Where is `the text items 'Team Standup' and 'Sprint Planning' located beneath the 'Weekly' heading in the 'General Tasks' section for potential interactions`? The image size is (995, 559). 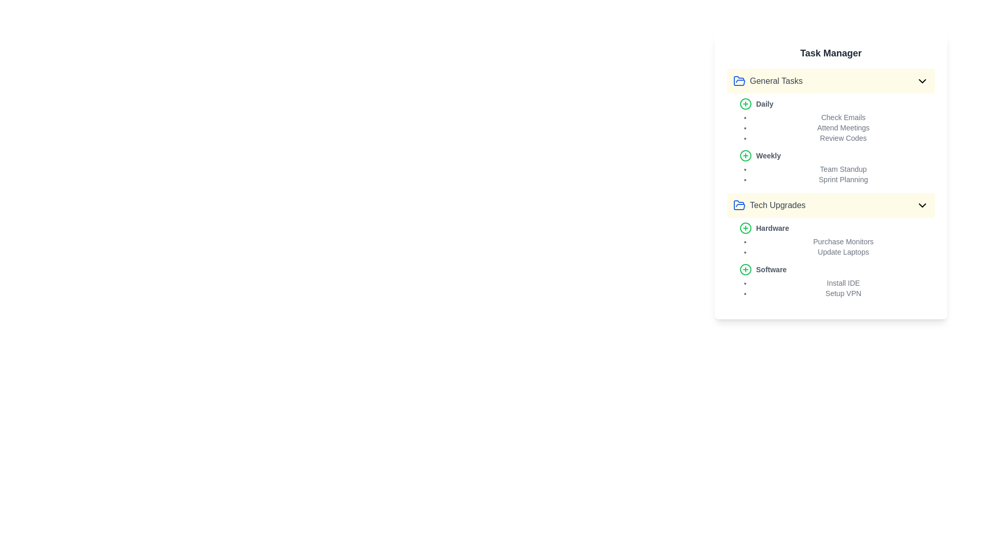
the text items 'Team Standup' and 'Sprint Planning' located beneath the 'Weekly' heading in the 'General Tasks' section for potential interactions is located at coordinates (837, 167).